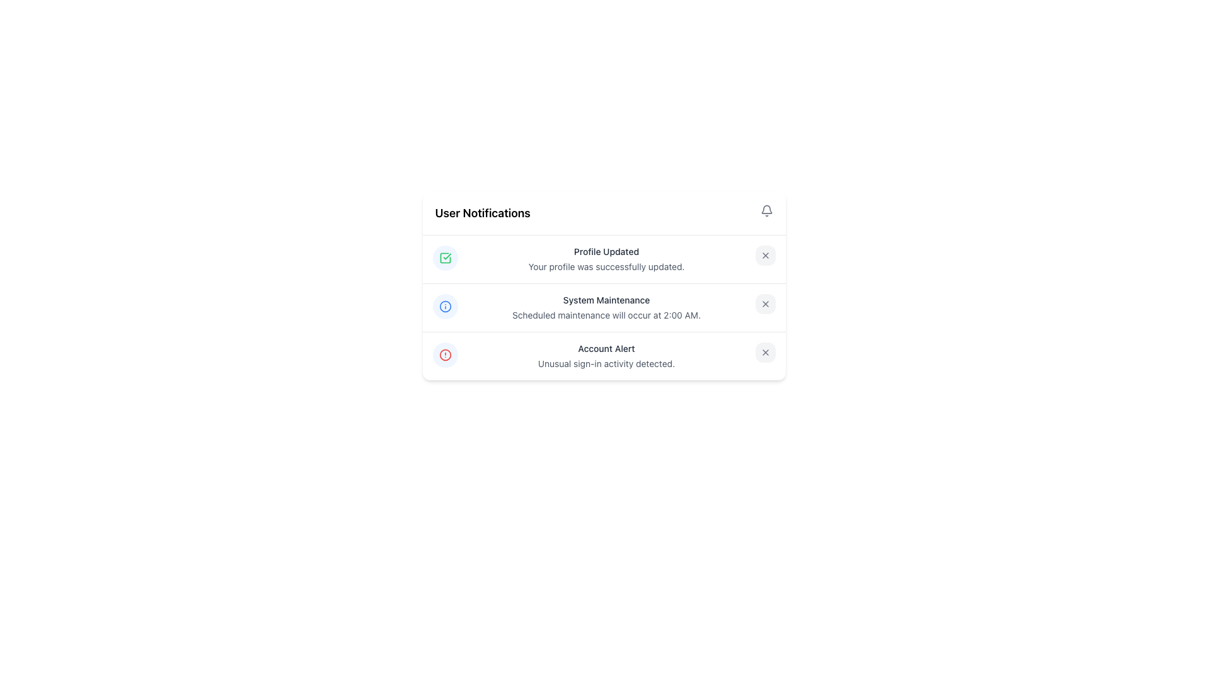 The height and width of the screenshot is (680, 1210). Describe the element at coordinates (606, 349) in the screenshot. I see `title text of the notification about unusual account activity, located in the third row of the notification list, next to the left icon` at that location.